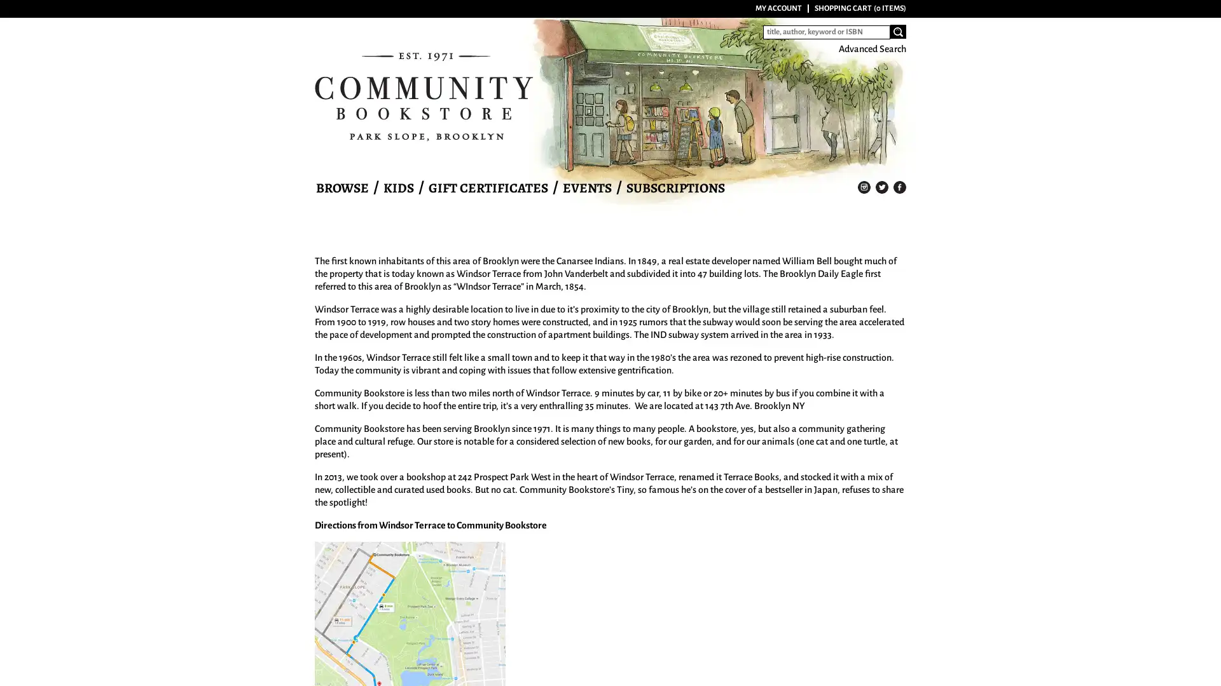  I want to click on Search, so click(897, 31).